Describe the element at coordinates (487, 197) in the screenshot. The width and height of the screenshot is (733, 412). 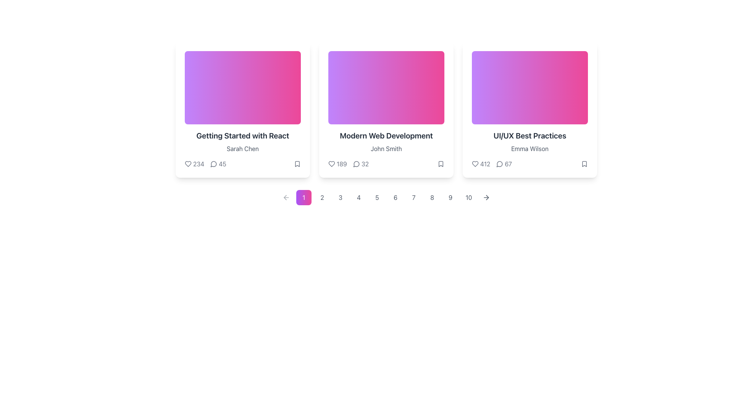
I see `the forward navigation arrow located to the right of the '10' pagination button in the footer section` at that location.